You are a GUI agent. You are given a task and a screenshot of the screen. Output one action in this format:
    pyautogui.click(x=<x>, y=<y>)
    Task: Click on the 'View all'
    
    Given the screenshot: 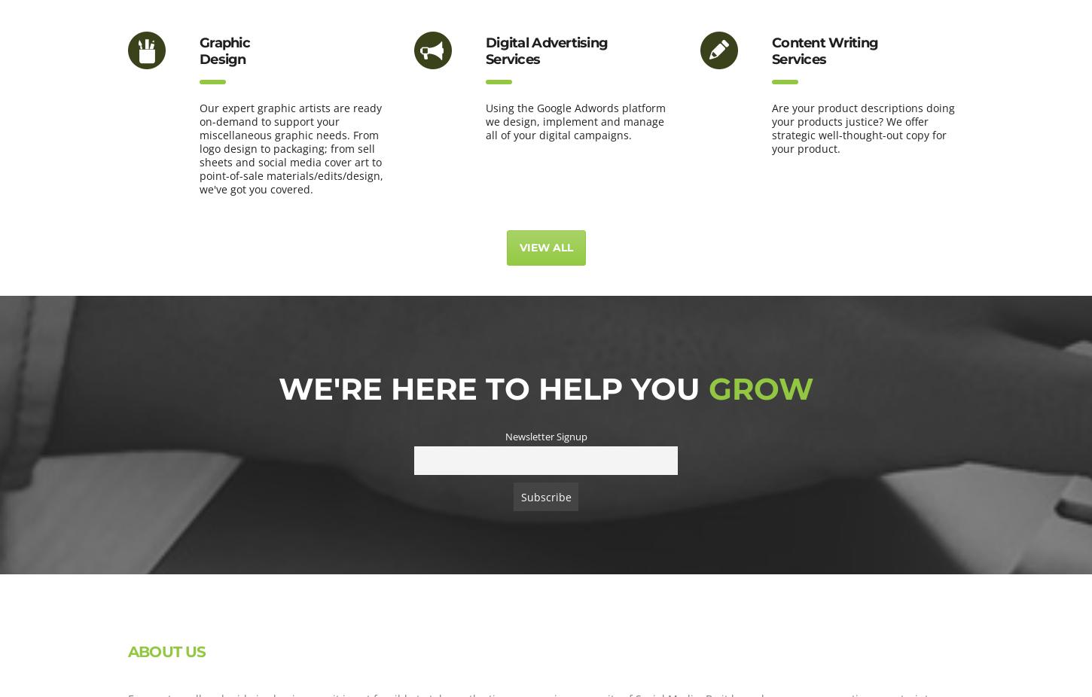 What is the action you would take?
    pyautogui.click(x=544, y=248)
    